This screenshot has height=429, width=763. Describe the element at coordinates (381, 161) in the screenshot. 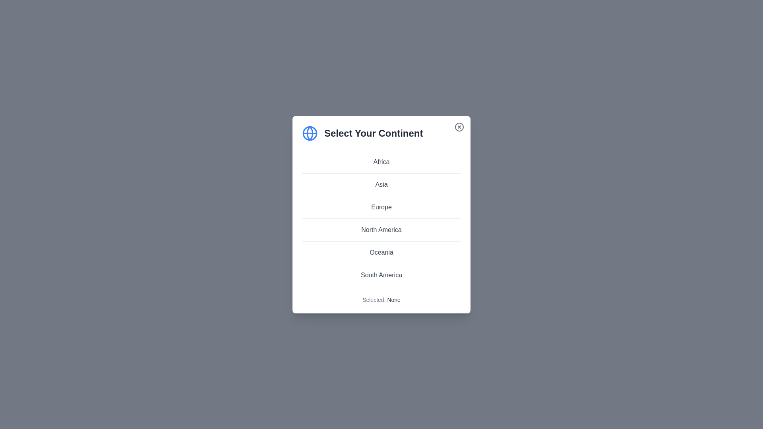

I see `the continent Africa from the list` at that location.